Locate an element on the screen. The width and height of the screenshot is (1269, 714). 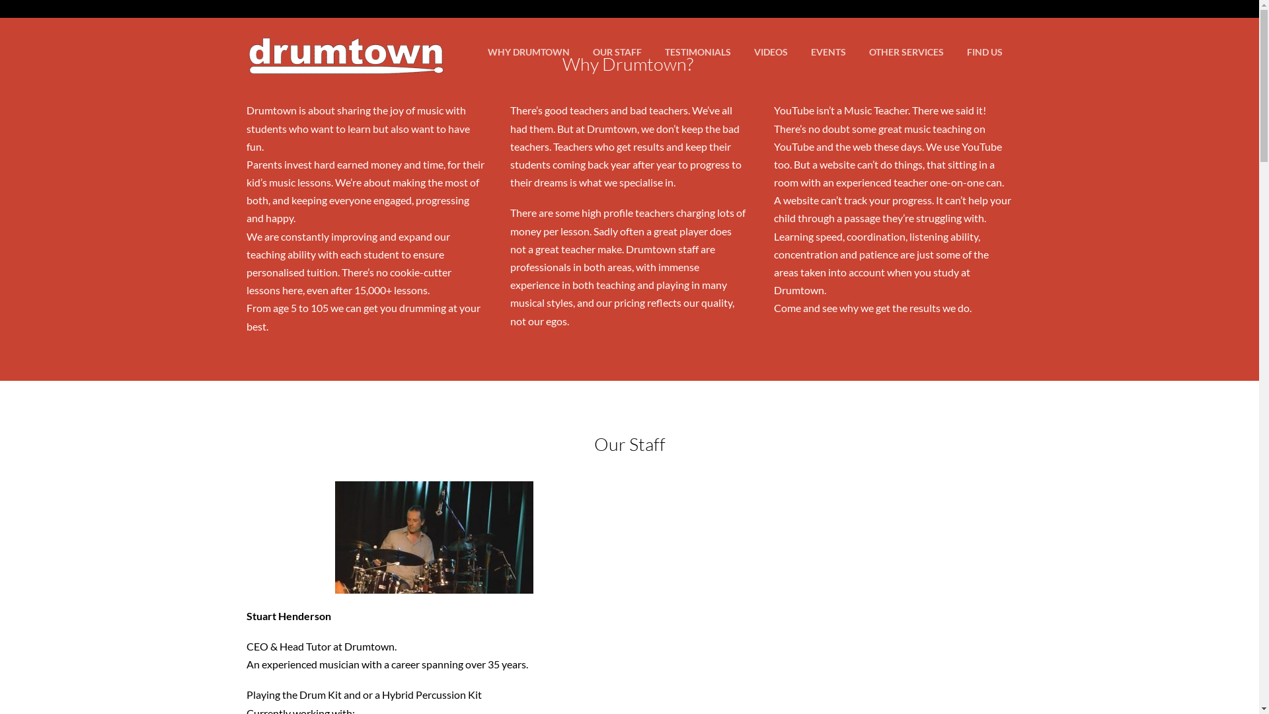
'VIDEOS' is located at coordinates (742, 52).